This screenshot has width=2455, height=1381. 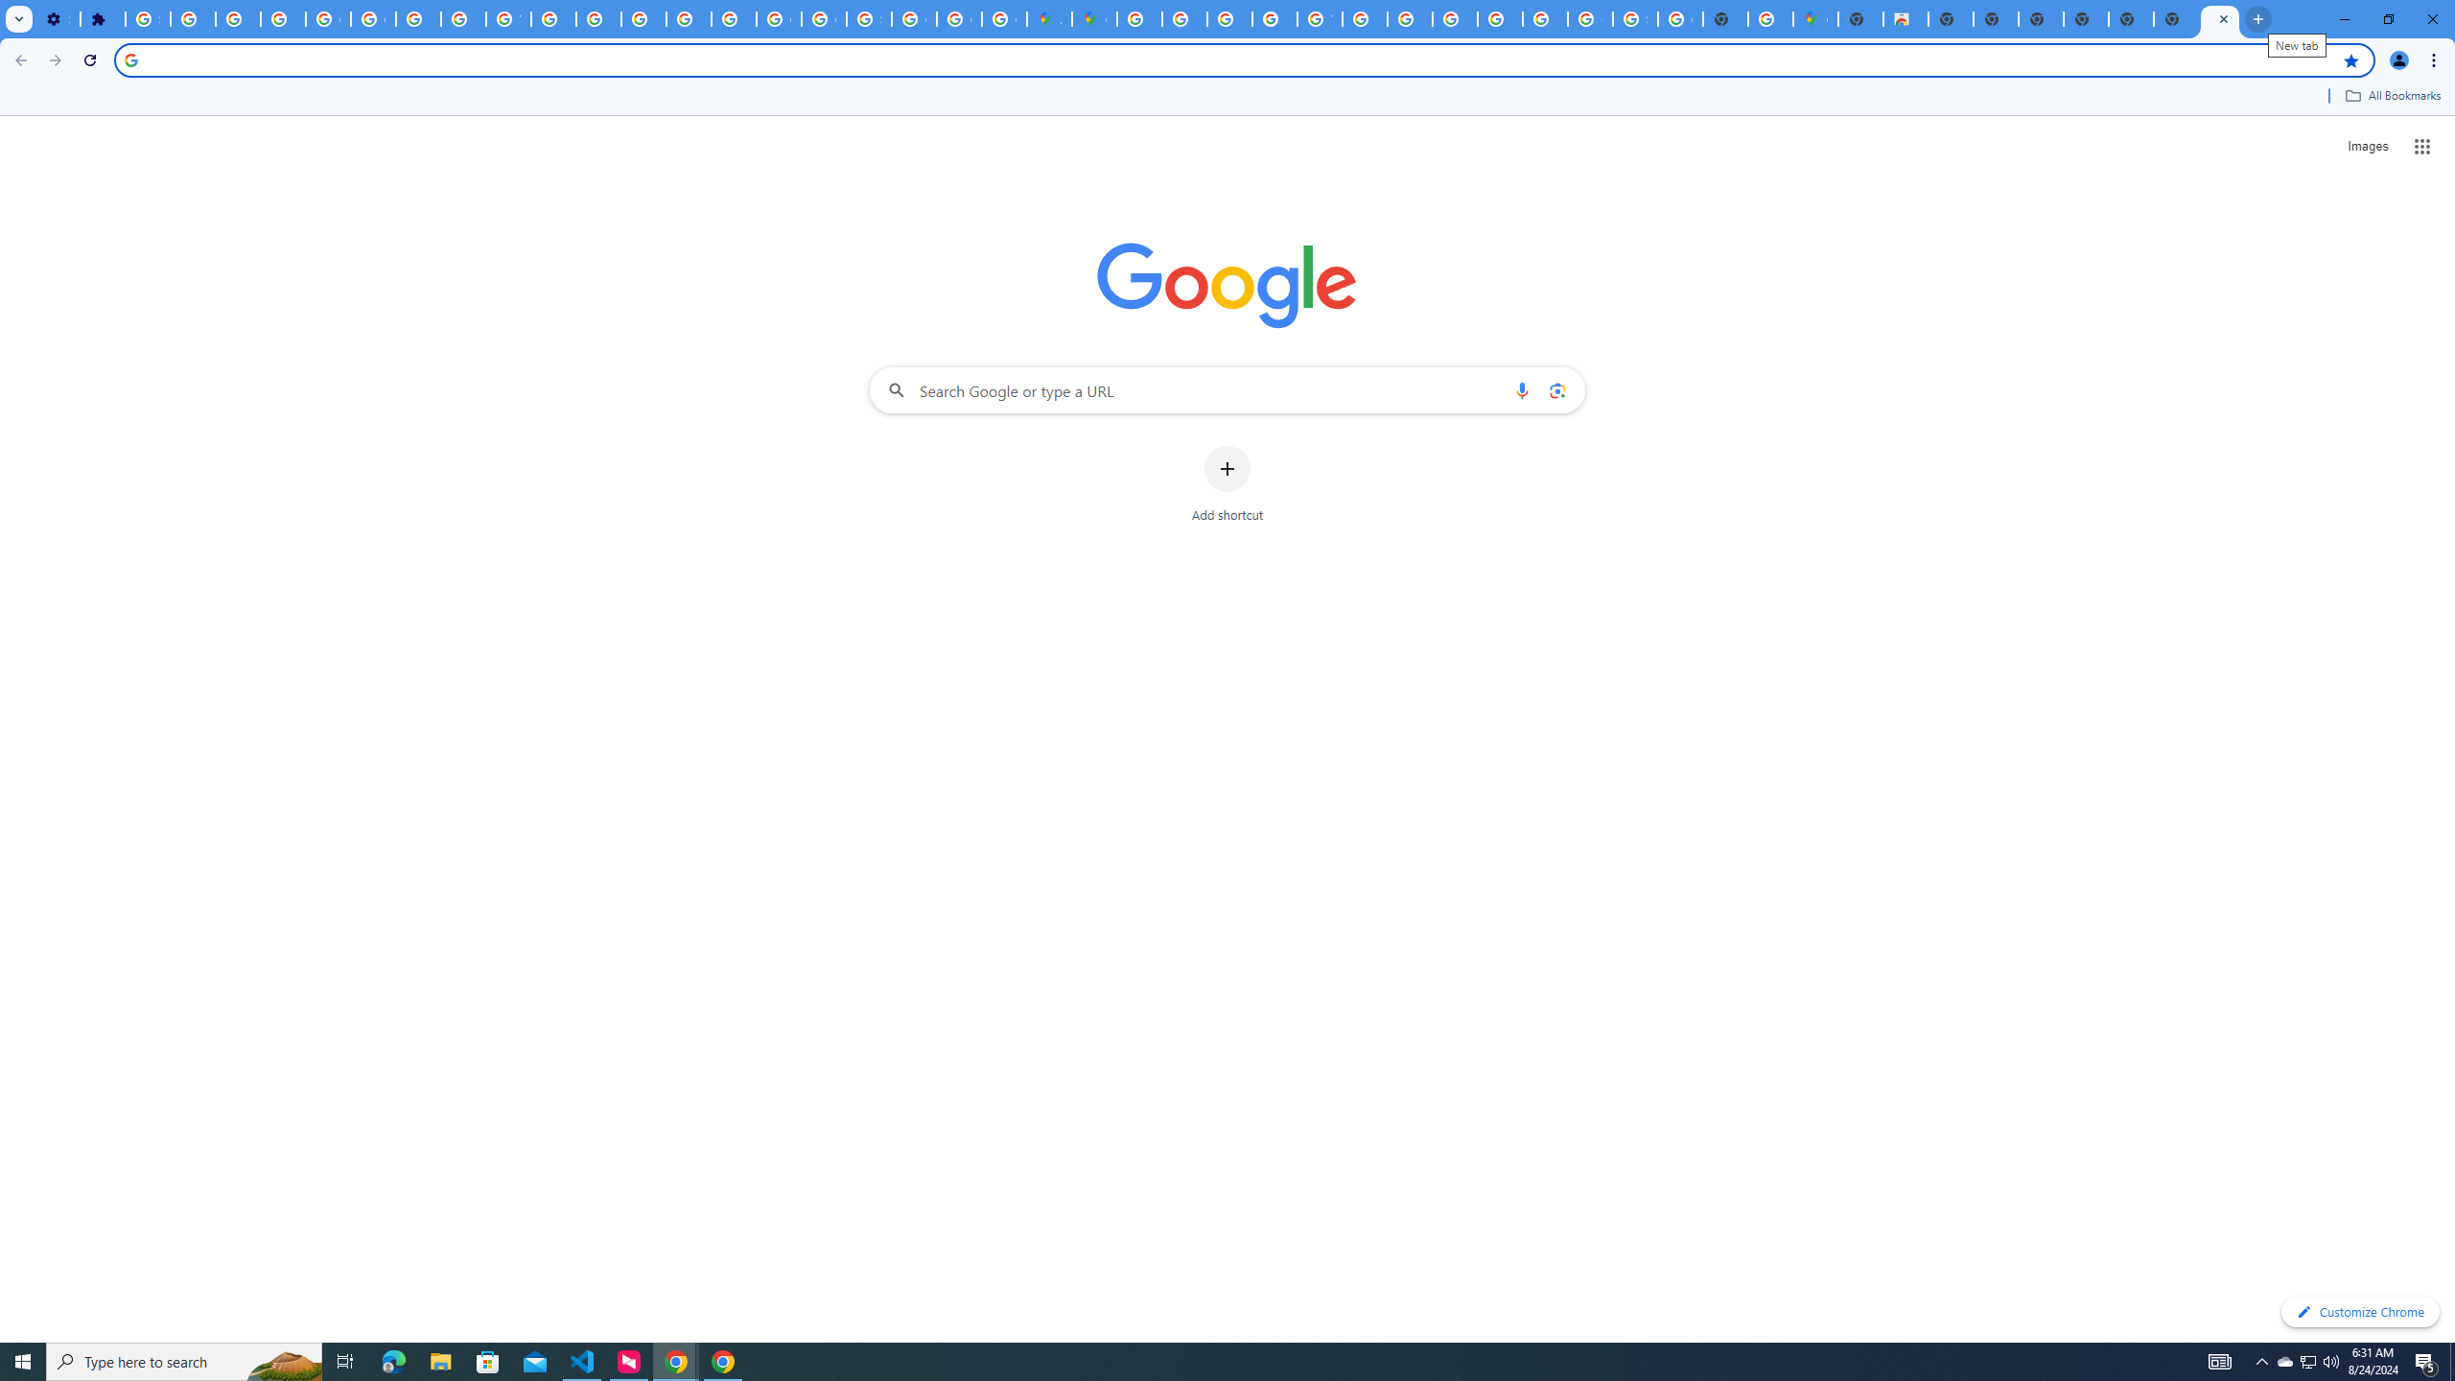 What do you see at coordinates (1227, 388) in the screenshot?
I see `'Search Google or type a URL'` at bounding box center [1227, 388].